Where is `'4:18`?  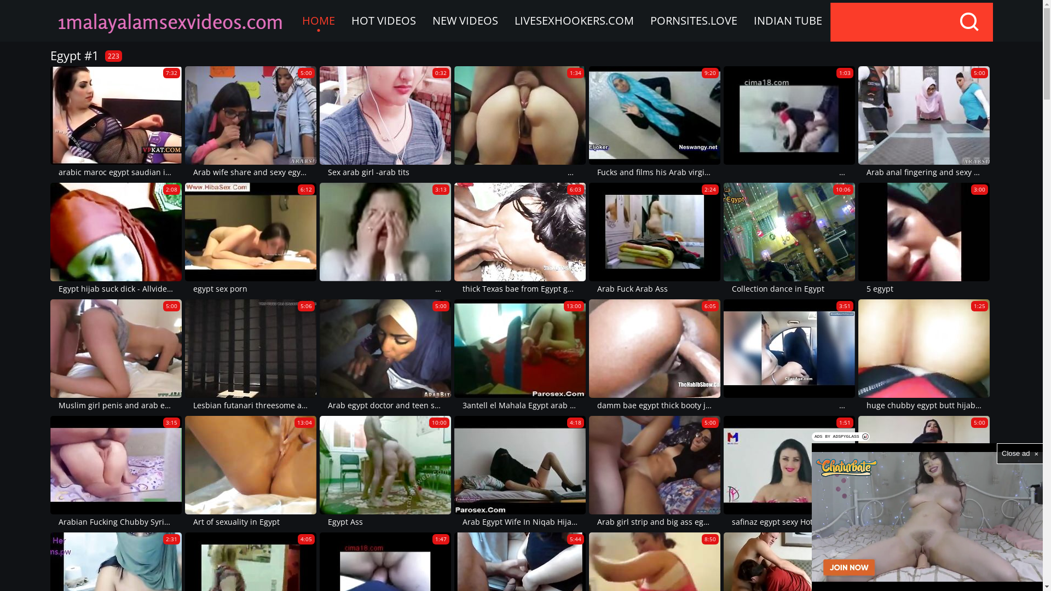 '4:18 is located at coordinates (519, 472).